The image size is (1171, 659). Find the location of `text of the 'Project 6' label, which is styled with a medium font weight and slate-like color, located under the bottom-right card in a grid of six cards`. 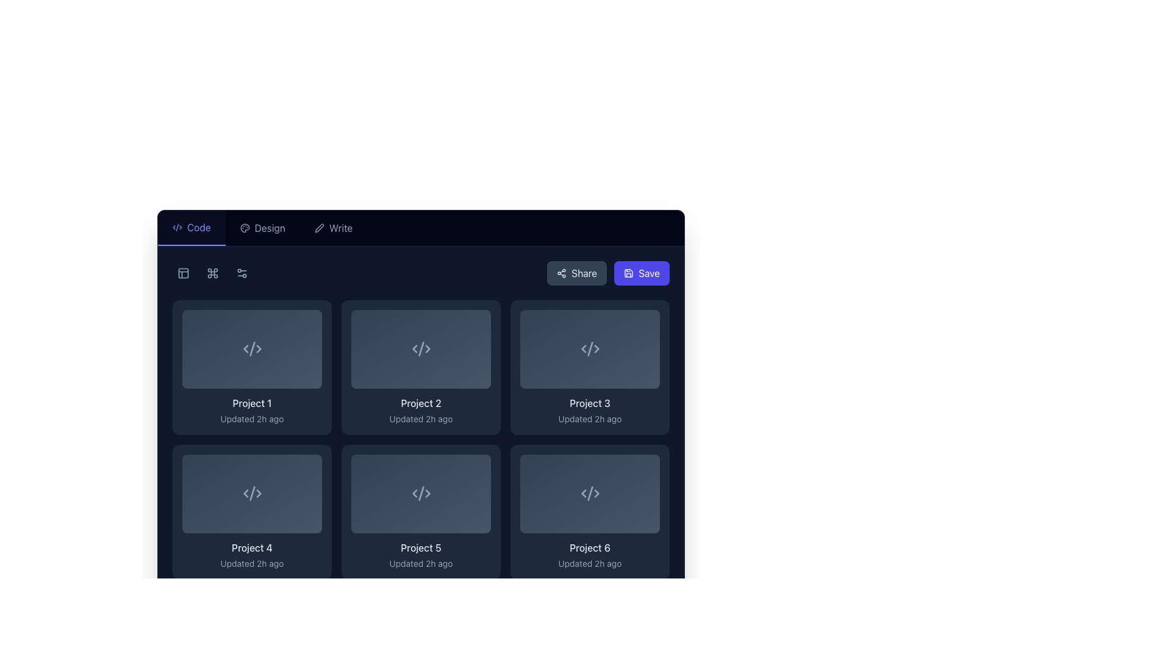

text of the 'Project 6' label, which is styled with a medium font weight and slate-like color, located under the bottom-right card in a grid of six cards is located at coordinates (590, 547).